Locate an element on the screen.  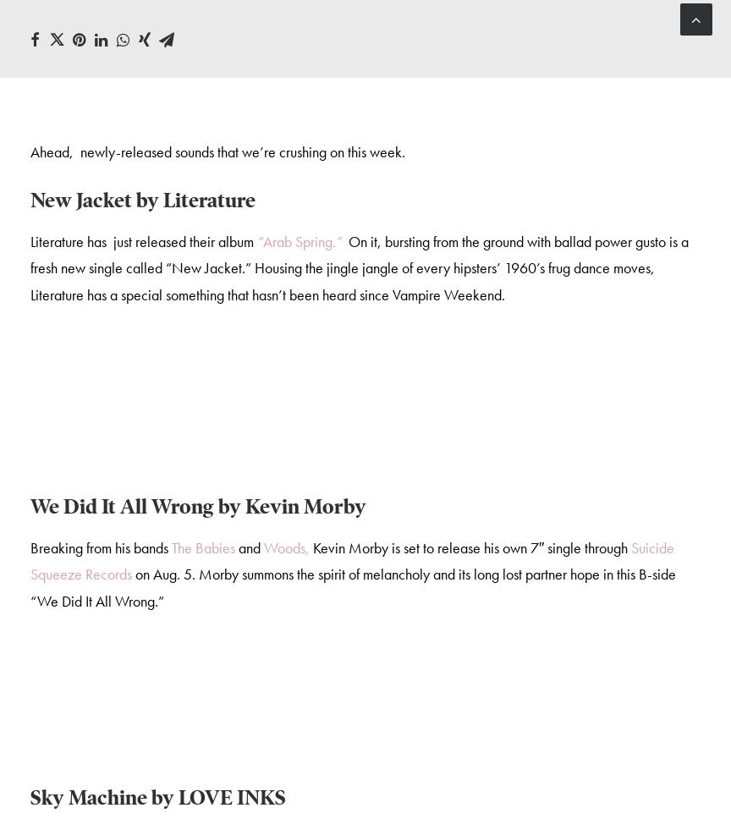
'Arab Spring.' is located at coordinates (263, 243).